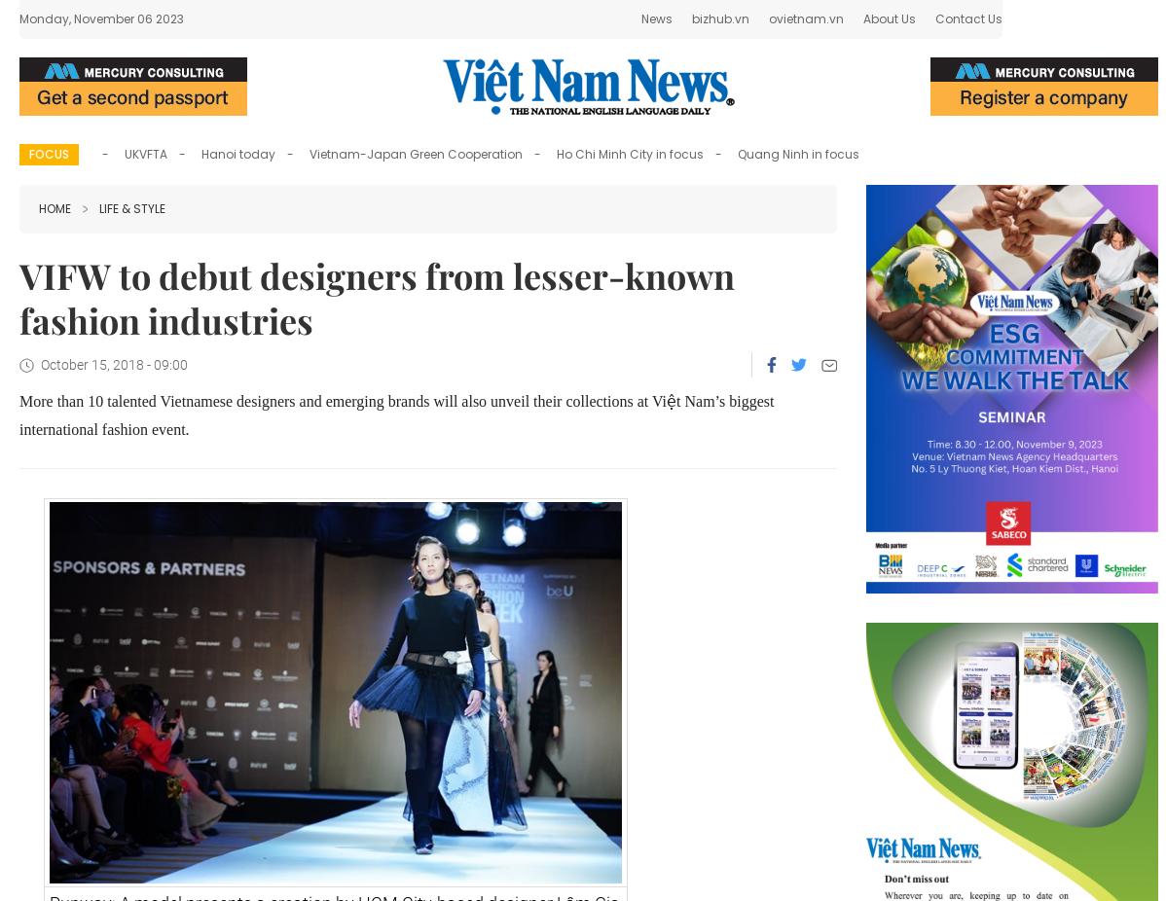 Image resolution: width=1166 pixels, height=901 pixels. I want to click on 'Opinion', so click(767, 23).